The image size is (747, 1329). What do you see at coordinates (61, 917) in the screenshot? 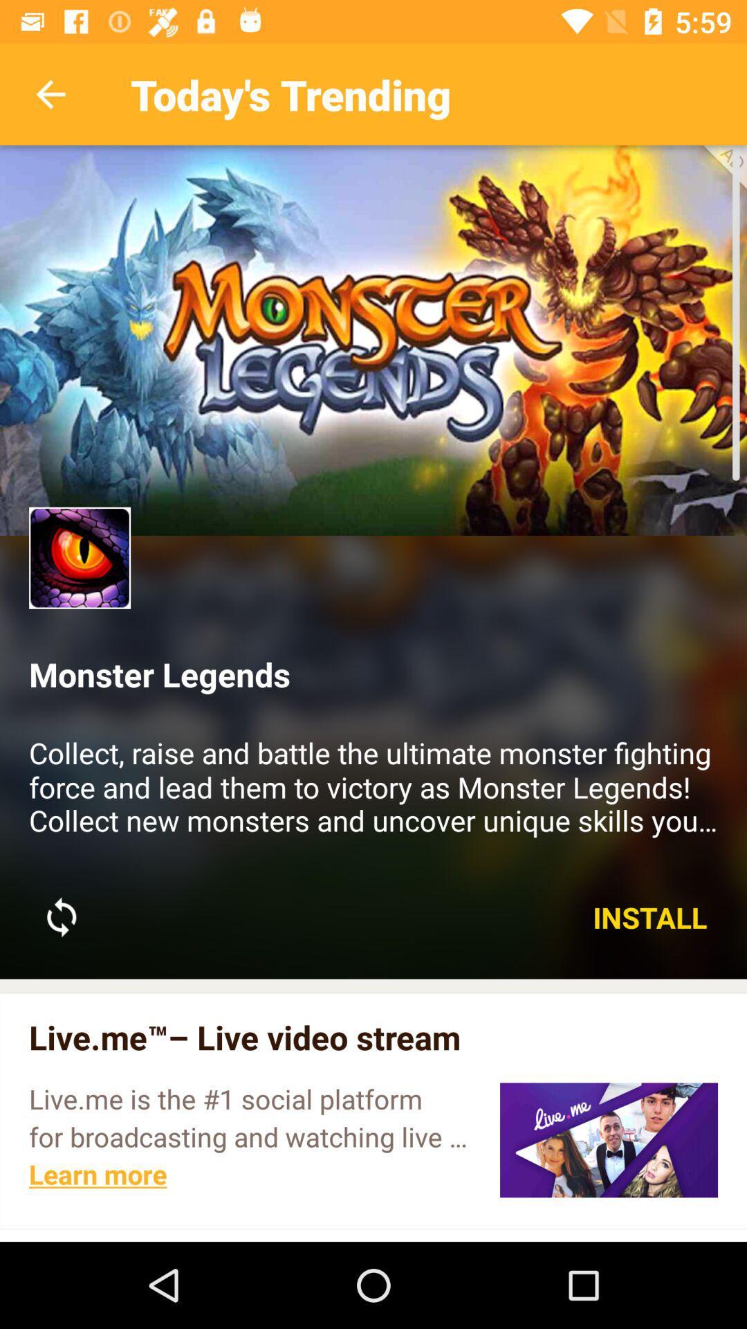
I see `refresh the trending apps` at bounding box center [61, 917].